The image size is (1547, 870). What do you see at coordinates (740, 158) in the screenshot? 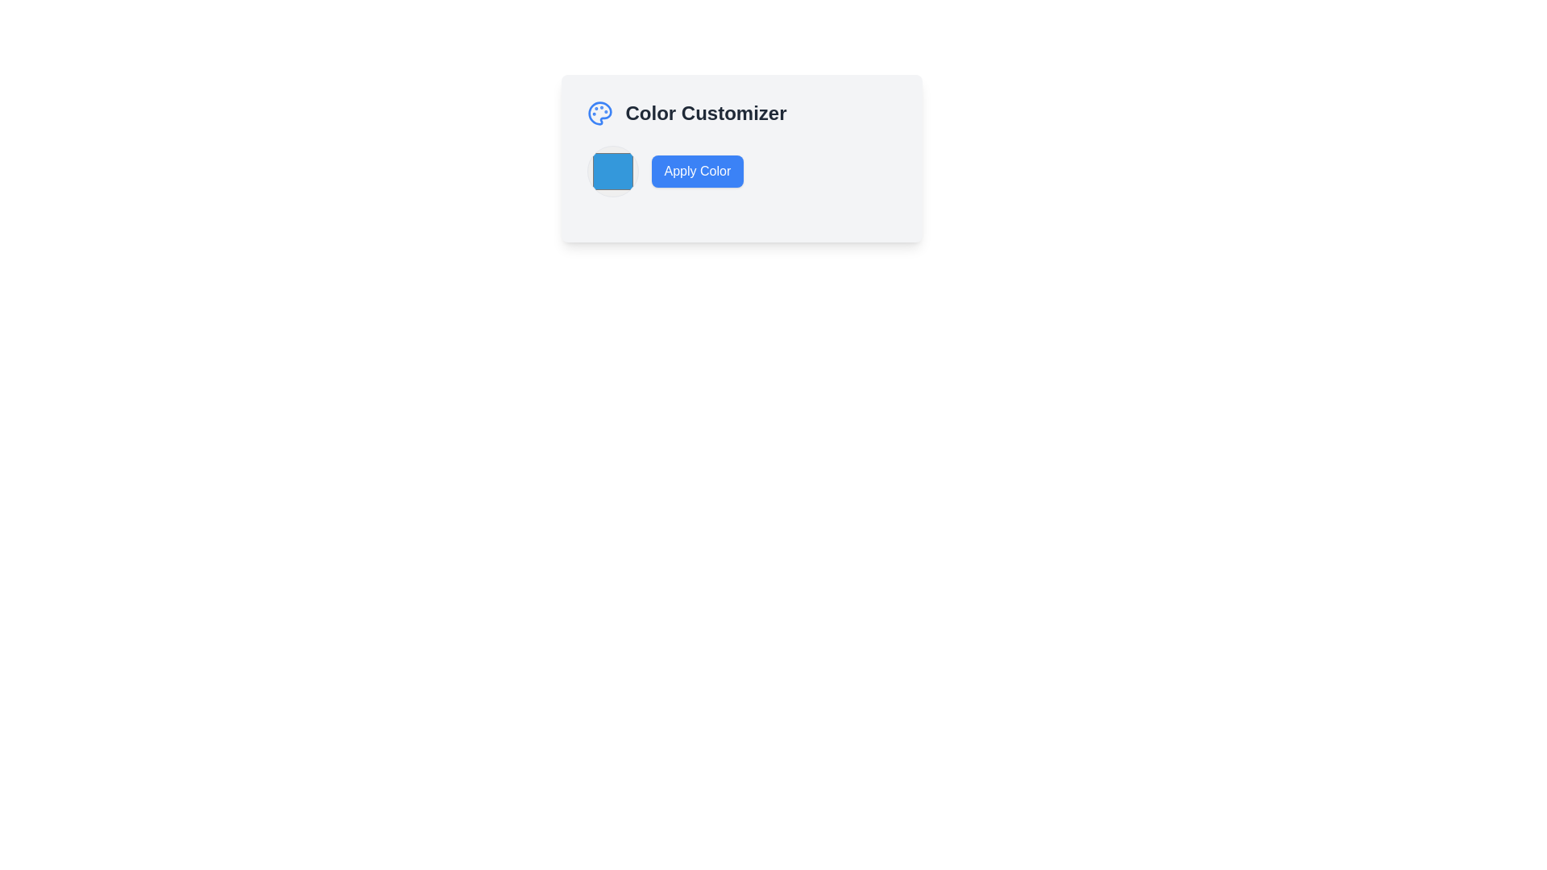
I see `the 'Apply Color' button located within the 'Color Customizer' gray box to apply the selected color from the color picker` at bounding box center [740, 158].